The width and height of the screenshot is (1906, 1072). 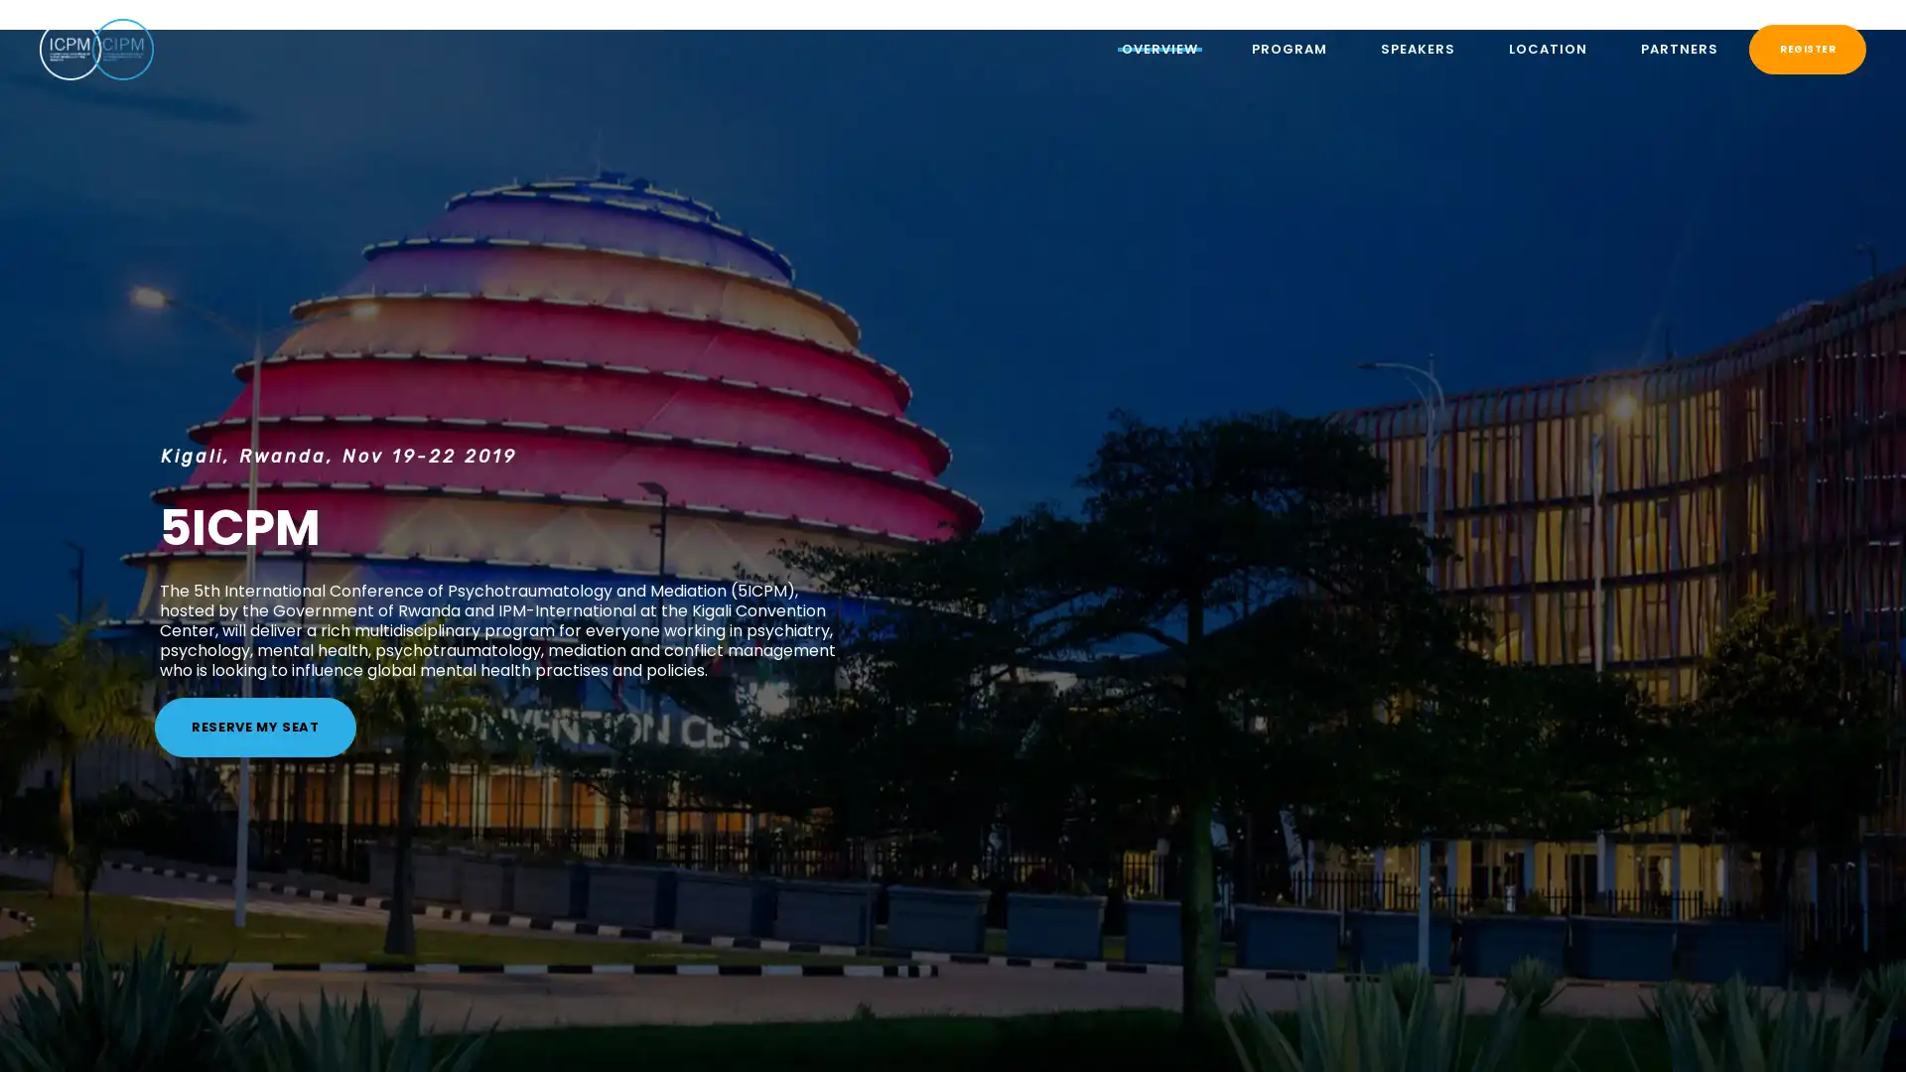 I want to click on send, so click(x=1196, y=335).